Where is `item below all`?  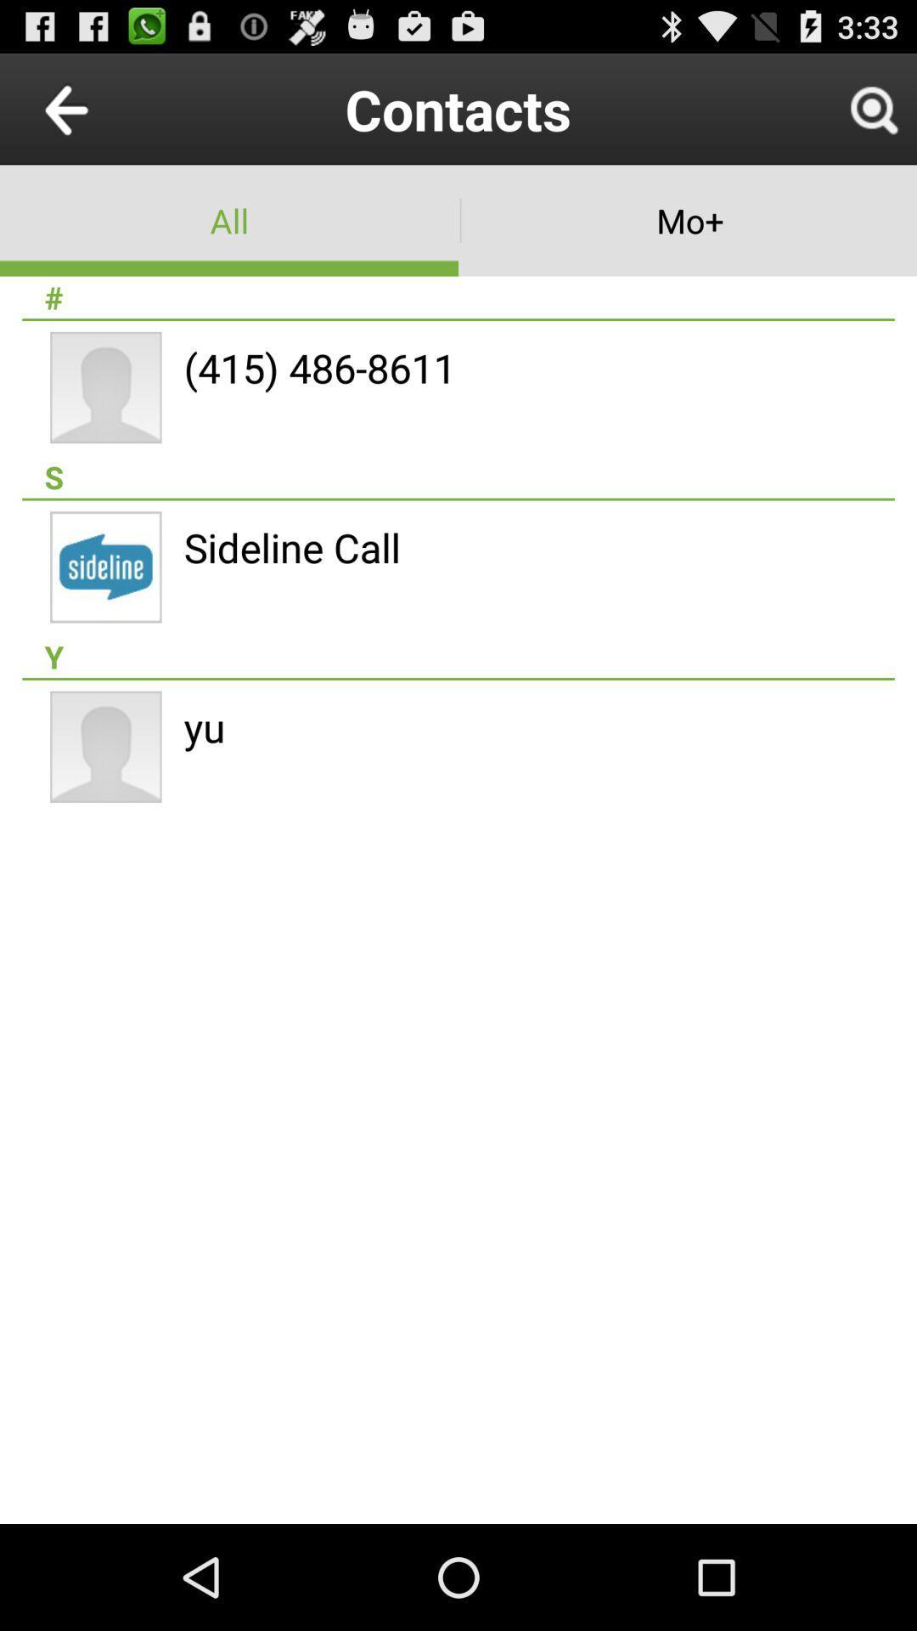 item below all is located at coordinates (458, 297).